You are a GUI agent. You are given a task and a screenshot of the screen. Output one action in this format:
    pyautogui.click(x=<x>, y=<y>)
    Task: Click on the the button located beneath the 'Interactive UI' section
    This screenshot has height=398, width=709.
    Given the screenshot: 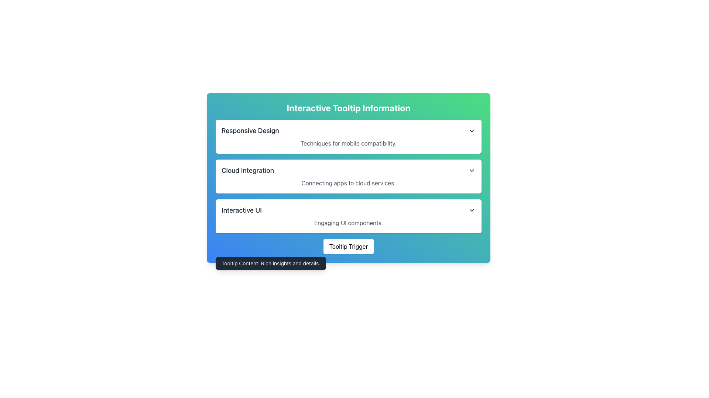 What is the action you would take?
    pyautogui.click(x=348, y=246)
    